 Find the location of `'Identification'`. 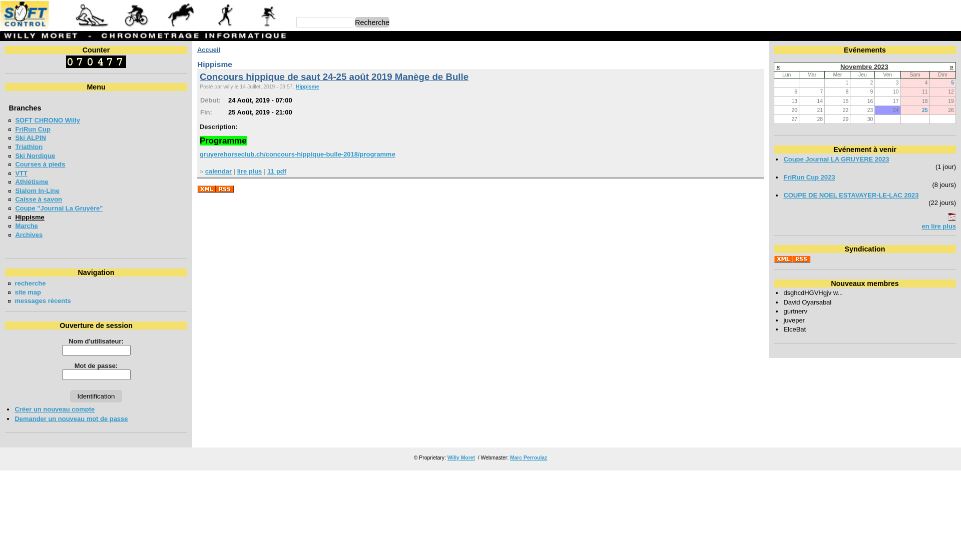

'Identification' is located at coordinates (96, 395).